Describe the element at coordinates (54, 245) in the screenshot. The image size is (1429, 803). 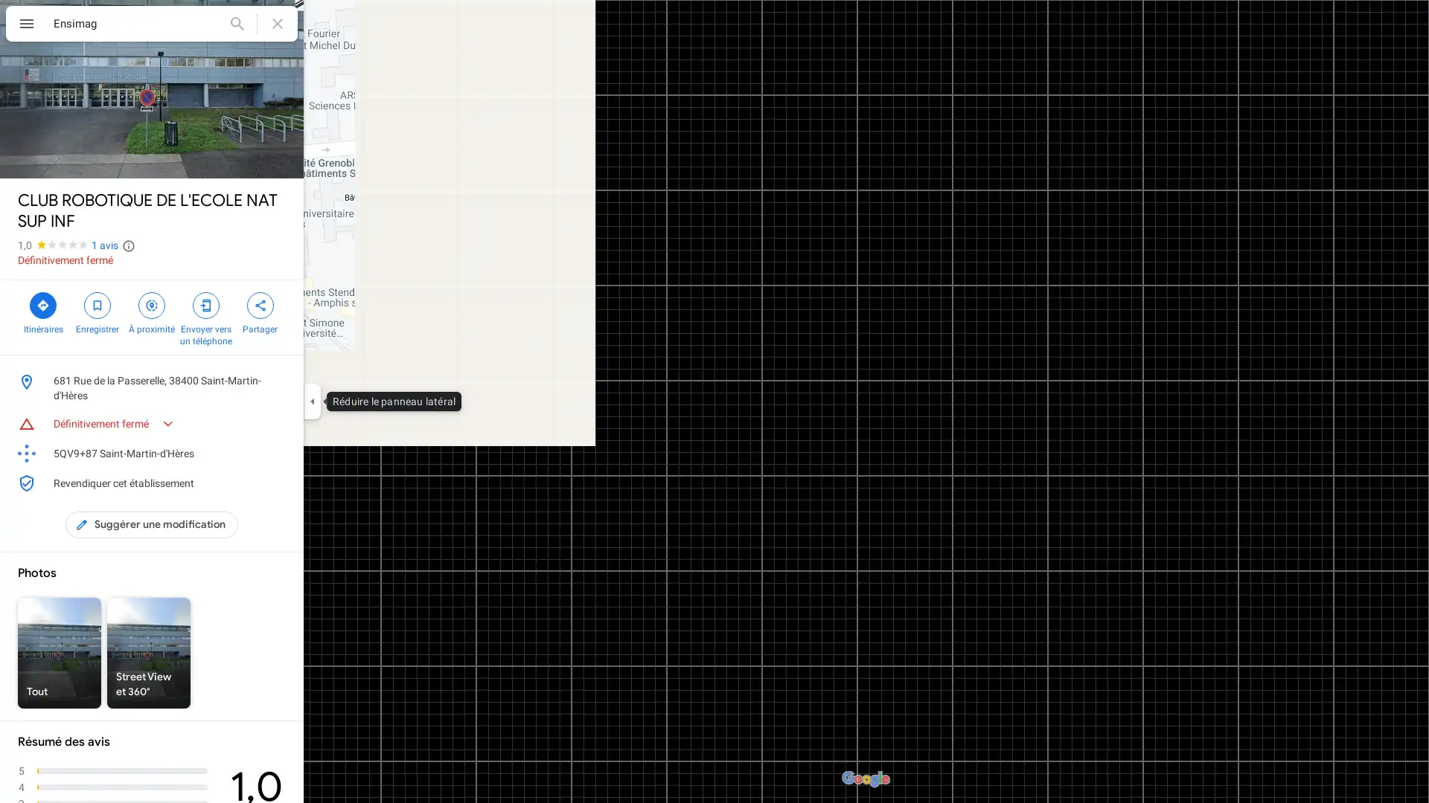
I see `1,0 etoiles` at that location.